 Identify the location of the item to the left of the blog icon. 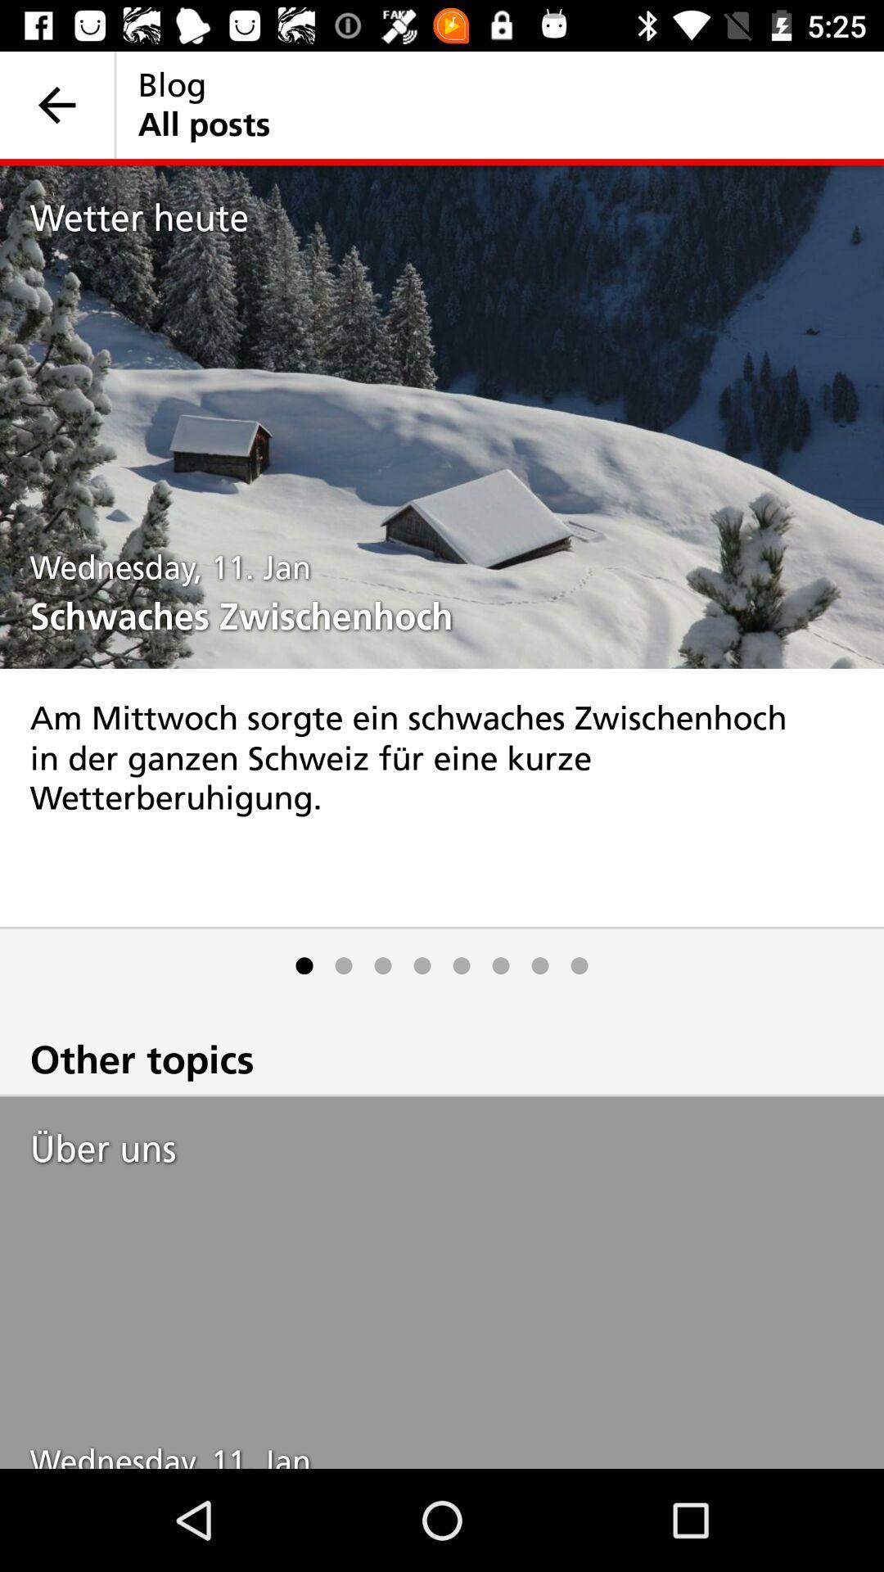
(56, 104).